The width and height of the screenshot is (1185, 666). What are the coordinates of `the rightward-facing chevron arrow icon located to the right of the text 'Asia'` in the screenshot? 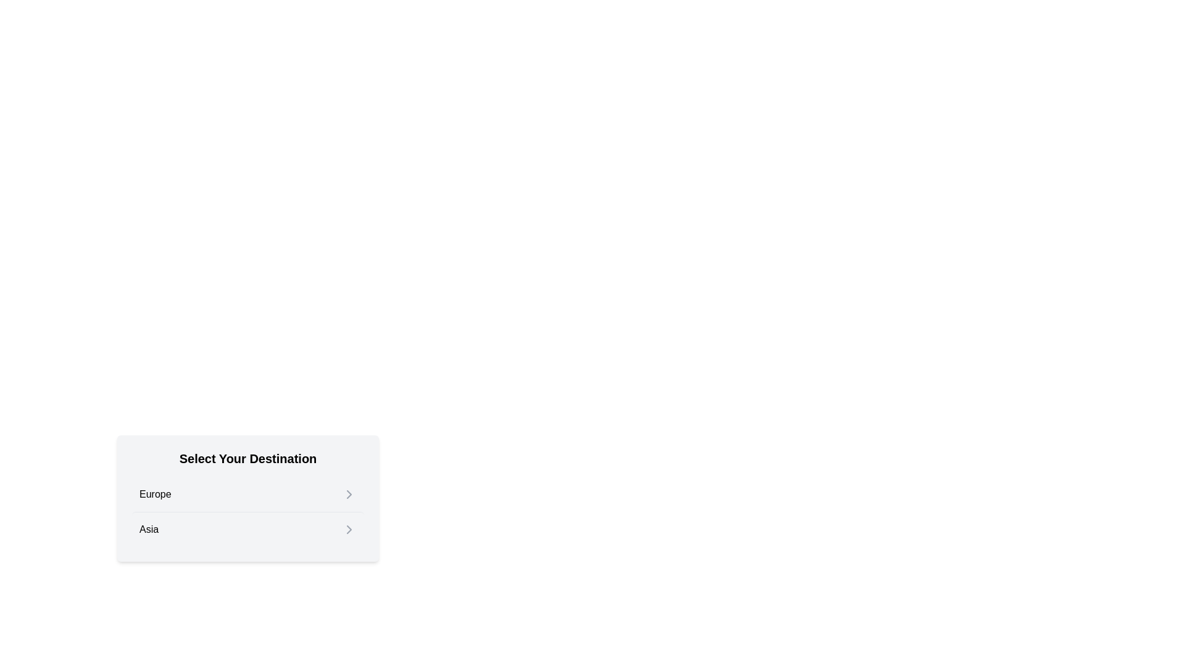 It's located at (349, 529).